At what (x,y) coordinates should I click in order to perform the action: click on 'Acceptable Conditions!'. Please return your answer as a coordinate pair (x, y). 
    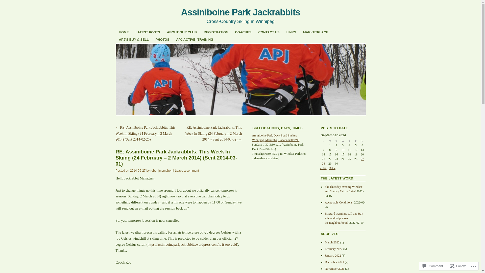
    Looking at the image, I should click on (339, 202).